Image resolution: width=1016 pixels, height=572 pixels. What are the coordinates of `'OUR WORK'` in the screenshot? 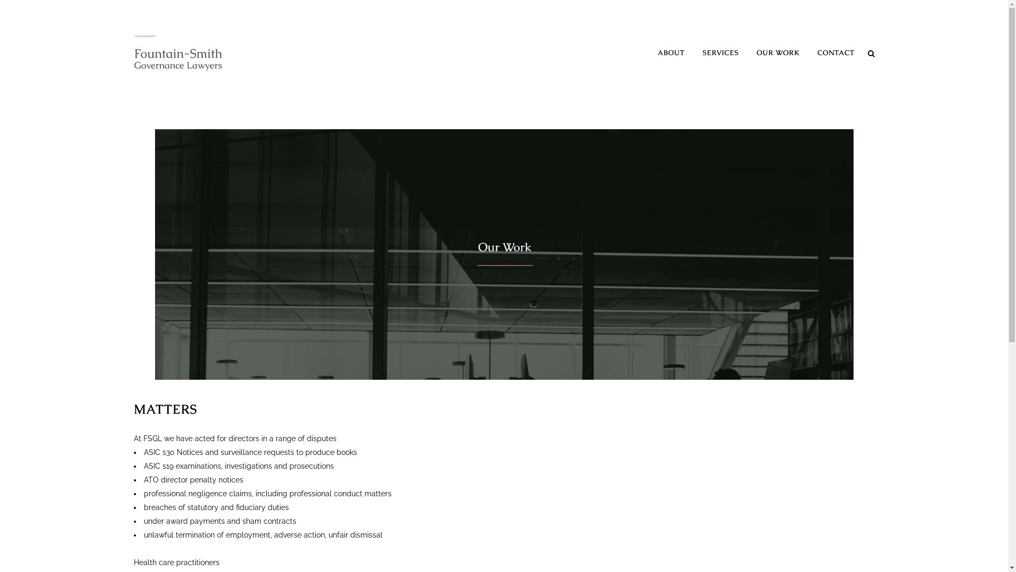 It's located at (777, 53).